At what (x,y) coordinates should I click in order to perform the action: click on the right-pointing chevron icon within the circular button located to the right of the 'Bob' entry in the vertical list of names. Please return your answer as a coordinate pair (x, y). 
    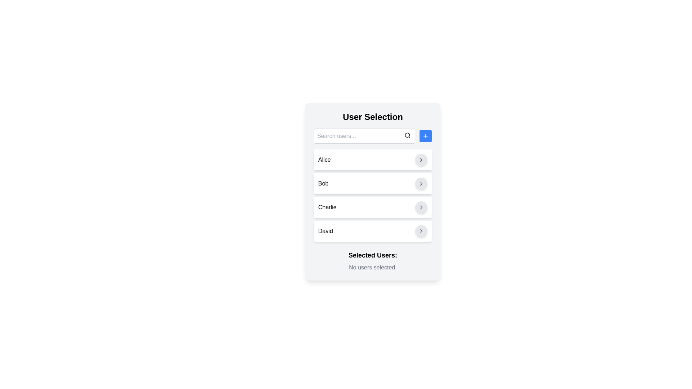
    Looking at the image, I should click on (421, 183).